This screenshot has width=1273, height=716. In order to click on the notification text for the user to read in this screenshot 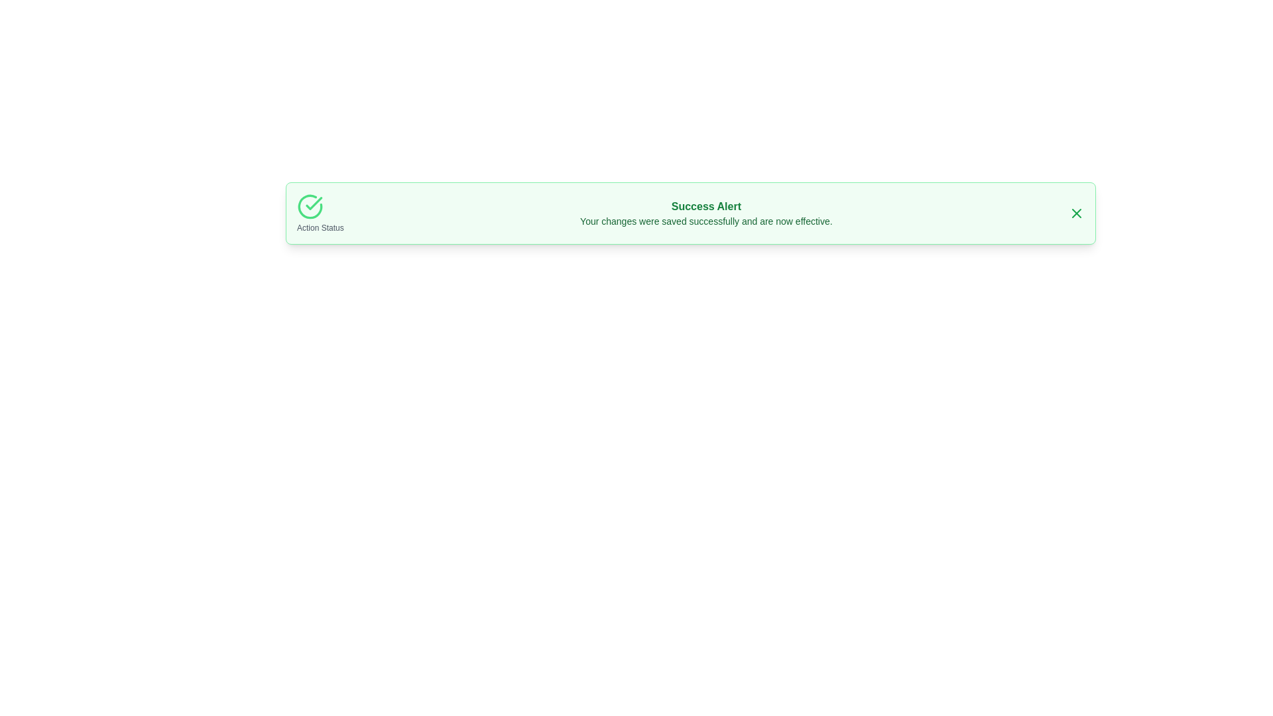, I will do `click(705, 212)`.